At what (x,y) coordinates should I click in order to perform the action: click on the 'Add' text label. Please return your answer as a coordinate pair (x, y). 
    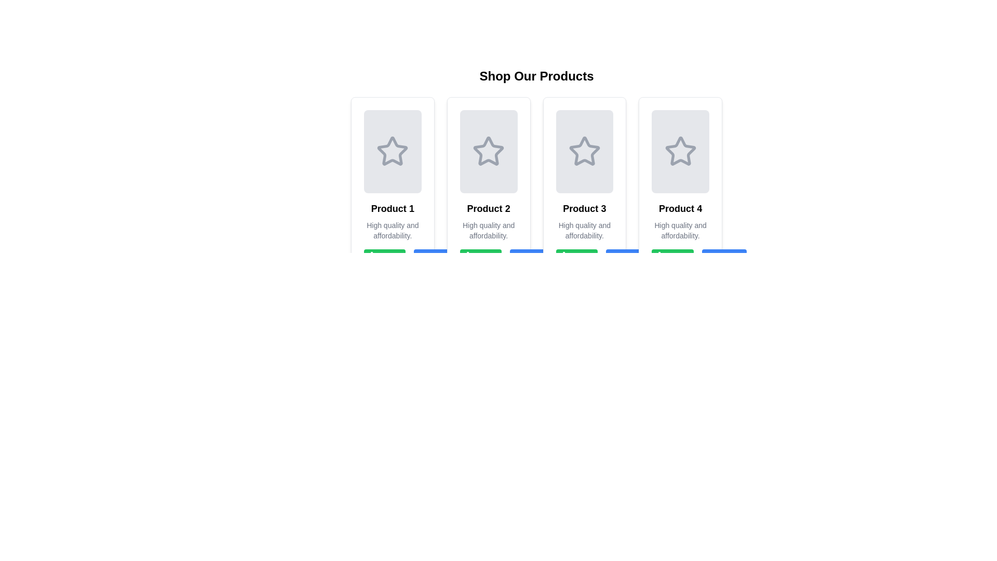
    Looking at the image, I should click on (680, 257).